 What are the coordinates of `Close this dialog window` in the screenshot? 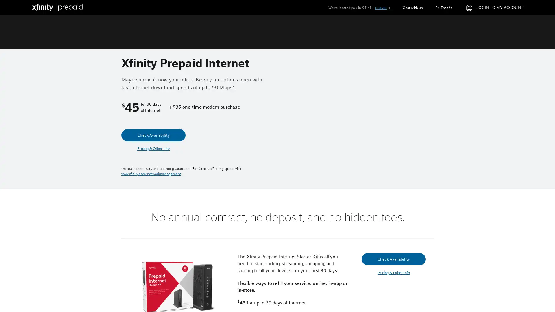 It's located at (387, 134).